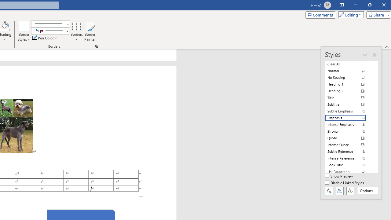  What do you see at coordinates (349, 111) in the screenshot?
I see `'Subtle Emphasis'` at bounding box center [349, 111].